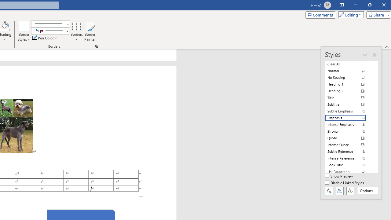  What do you see at coordinates (349, 111) in the screenshot?
I see `'Subtle Emphasis'` at bounding box center [349, 111].